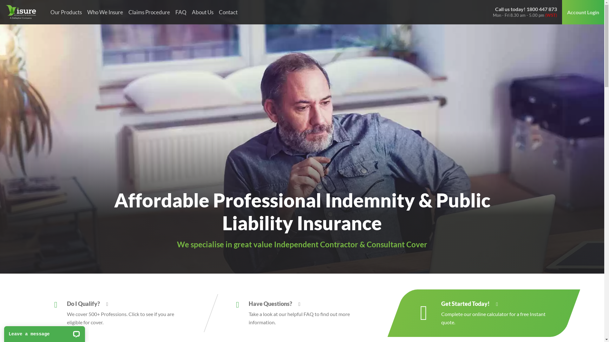 The height and width of the screenshot is (342, 609). What do you see at coordinates (202, 12) in the screenshot?
I see `'About Us'` at bounding box center [202, 12].